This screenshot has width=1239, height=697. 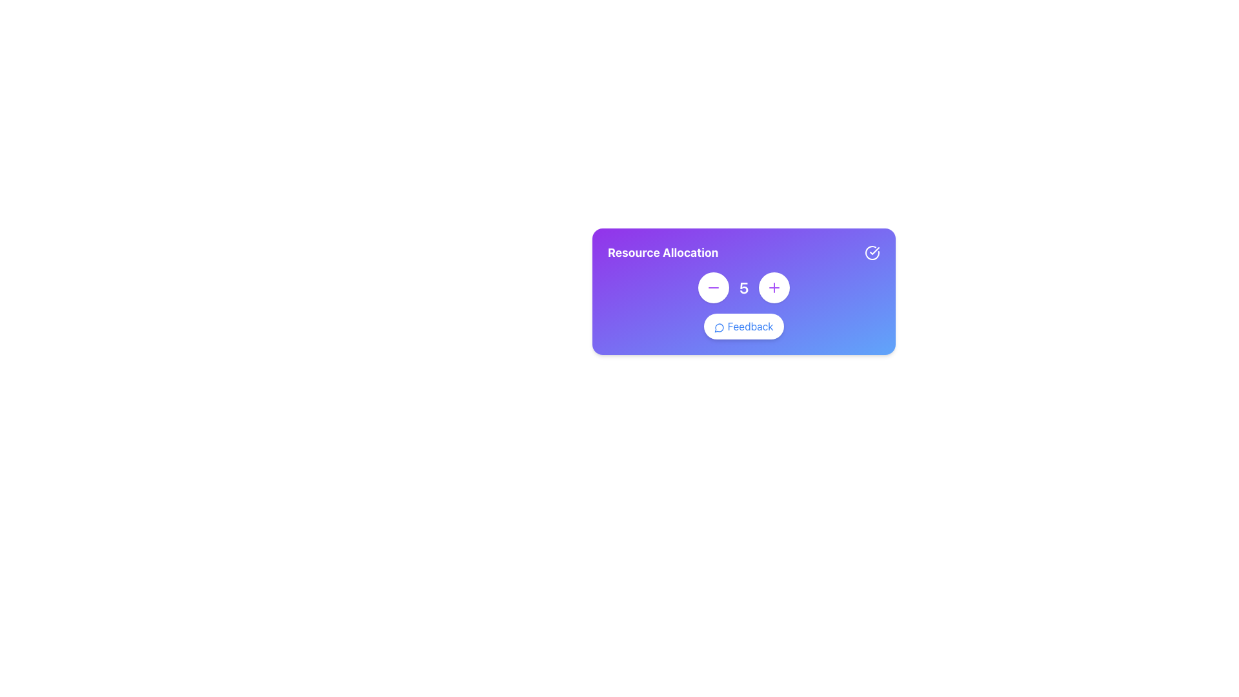 What do you see at coordinates (743, 338) in the screenshot?
I see `the feedback button located at the center-bottom of the 'Resource Allocation' card` at bounding box center [743, 338].